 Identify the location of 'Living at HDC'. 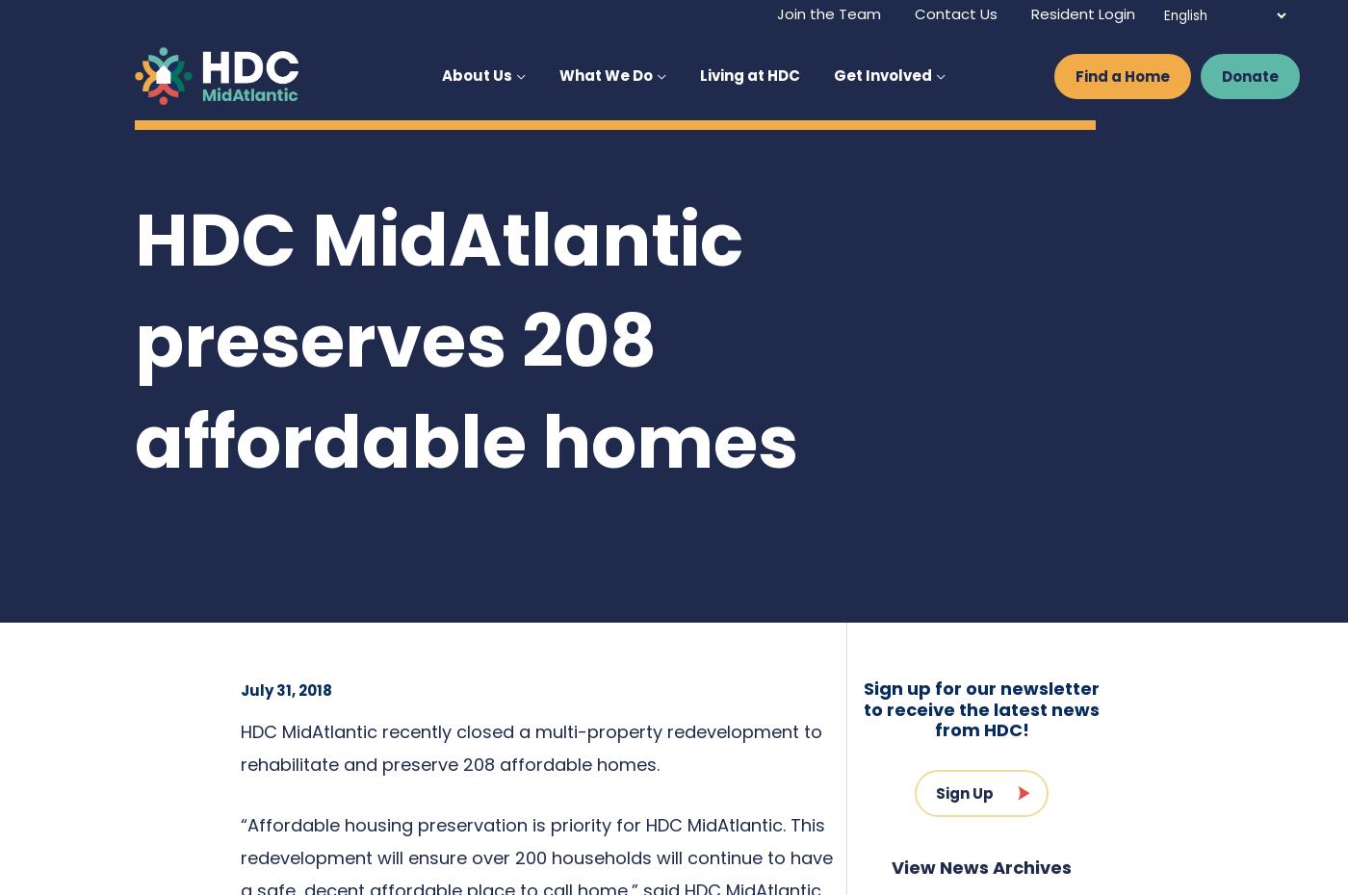
(748, 75).